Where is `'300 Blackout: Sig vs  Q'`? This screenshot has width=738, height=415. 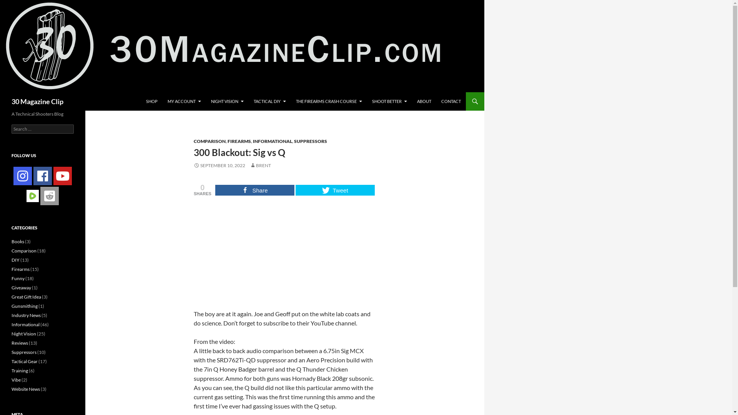
'300 Blackout: Sig vs  Q' is located at coordinates (284, 252).